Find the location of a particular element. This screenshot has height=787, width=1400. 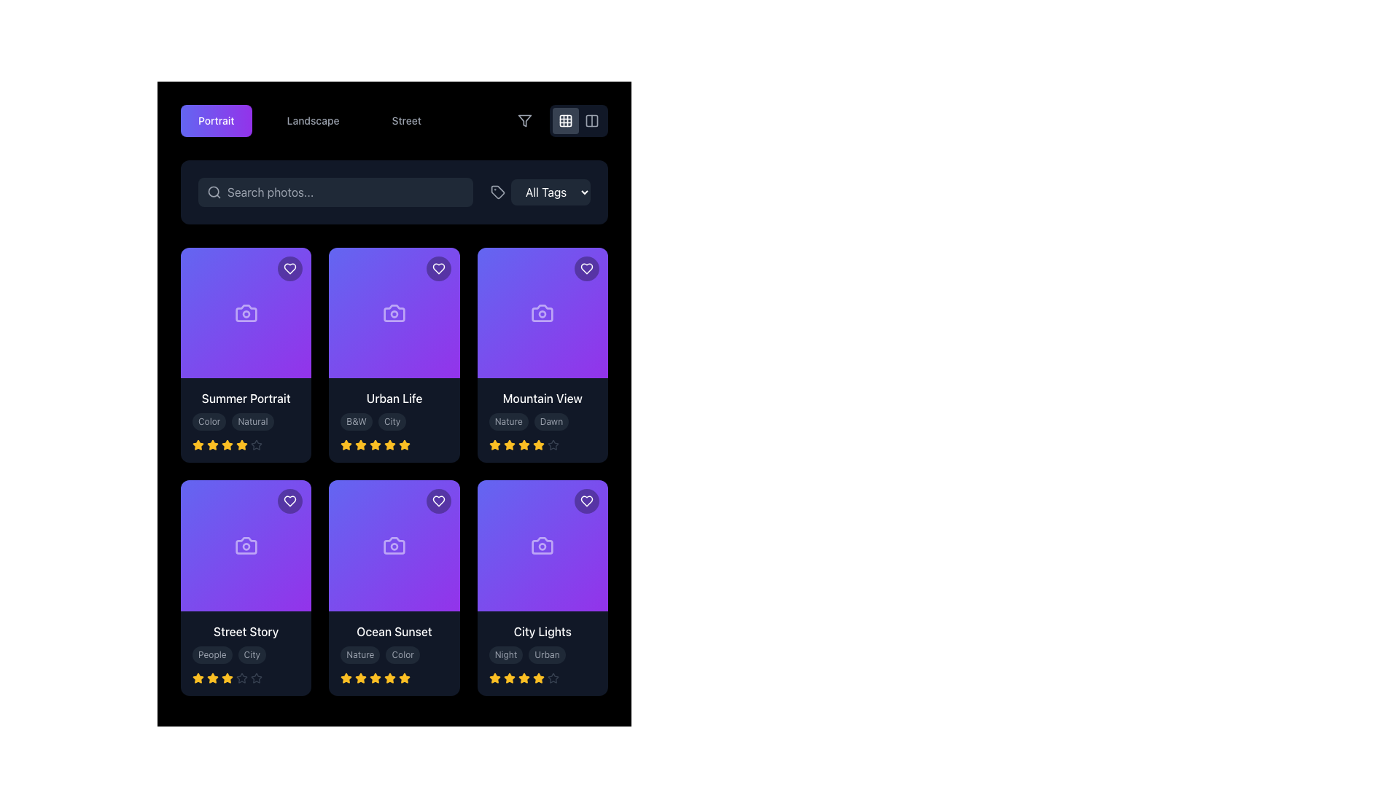

the third star in the five-star rating system for the 'Mountain View' item is located at coordinates (494, 445).